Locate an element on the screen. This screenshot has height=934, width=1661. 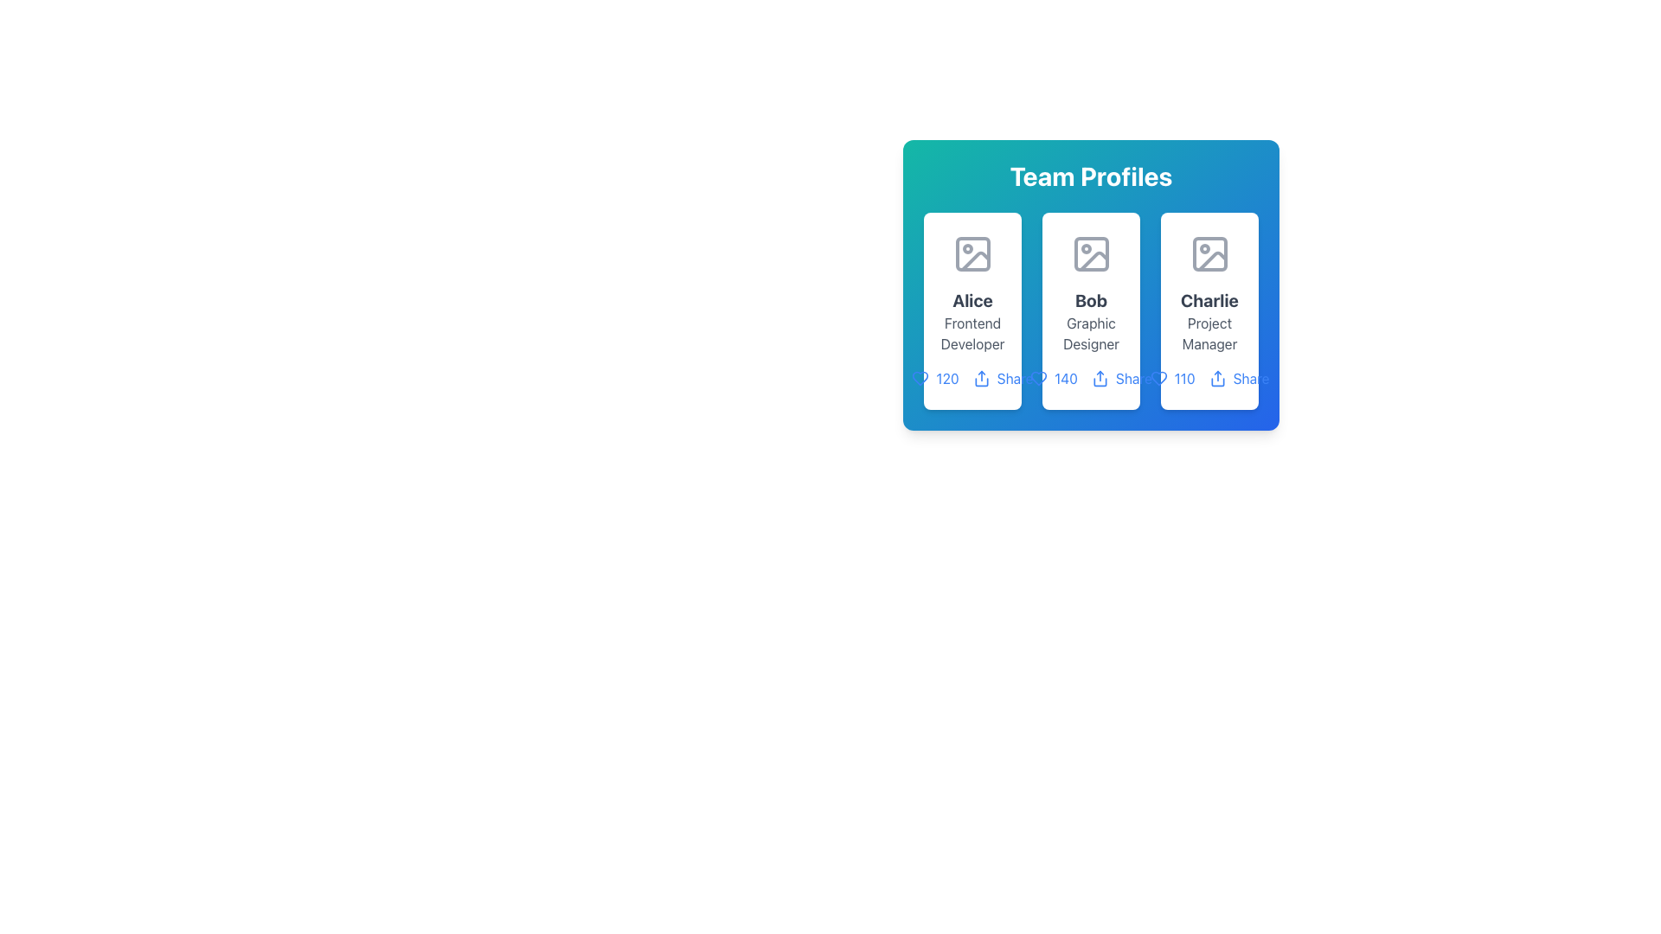
the image placeholder icon on Alice's profile card located in the Team Profiles panel is located at coordinates (972, 253).